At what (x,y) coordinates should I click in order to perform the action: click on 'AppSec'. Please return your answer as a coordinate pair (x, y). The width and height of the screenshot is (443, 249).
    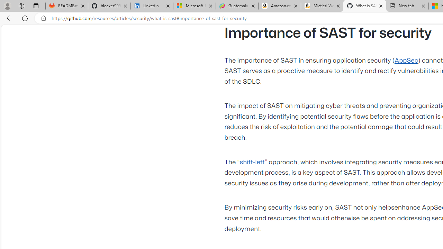
    Looking at the image, I should click on (406, 60).